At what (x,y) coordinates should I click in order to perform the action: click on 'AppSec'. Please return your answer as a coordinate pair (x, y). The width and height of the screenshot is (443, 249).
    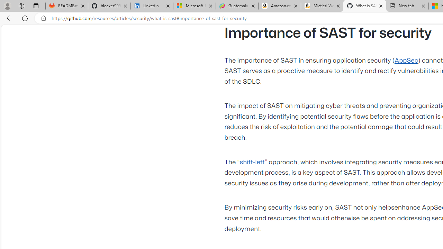
    Looking at the image, I should click on (406, 60).